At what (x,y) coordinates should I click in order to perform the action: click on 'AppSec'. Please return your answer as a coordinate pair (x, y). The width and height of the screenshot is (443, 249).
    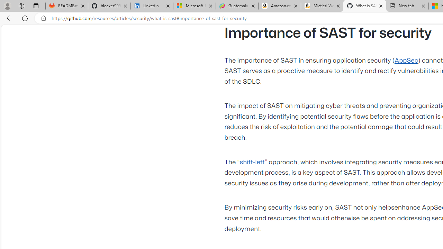
    Looking at the image, I should click on (406, 60).